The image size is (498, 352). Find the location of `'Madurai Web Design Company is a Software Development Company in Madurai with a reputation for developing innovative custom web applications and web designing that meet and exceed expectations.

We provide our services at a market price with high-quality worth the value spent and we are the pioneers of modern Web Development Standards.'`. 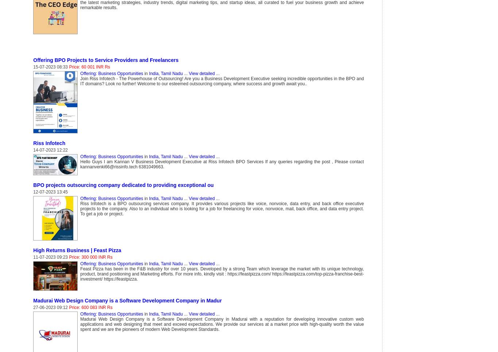

'Madurai Web Design Company is a Software Development Company in Madurai with a reputation for developing innovative custom web applications and web designing that meet and exceed expectations.

We provide our services at a market price with high-quality worth the value spent and we are the pioneers of modern Web Development Standards.' is located at coordinates (80, 324).